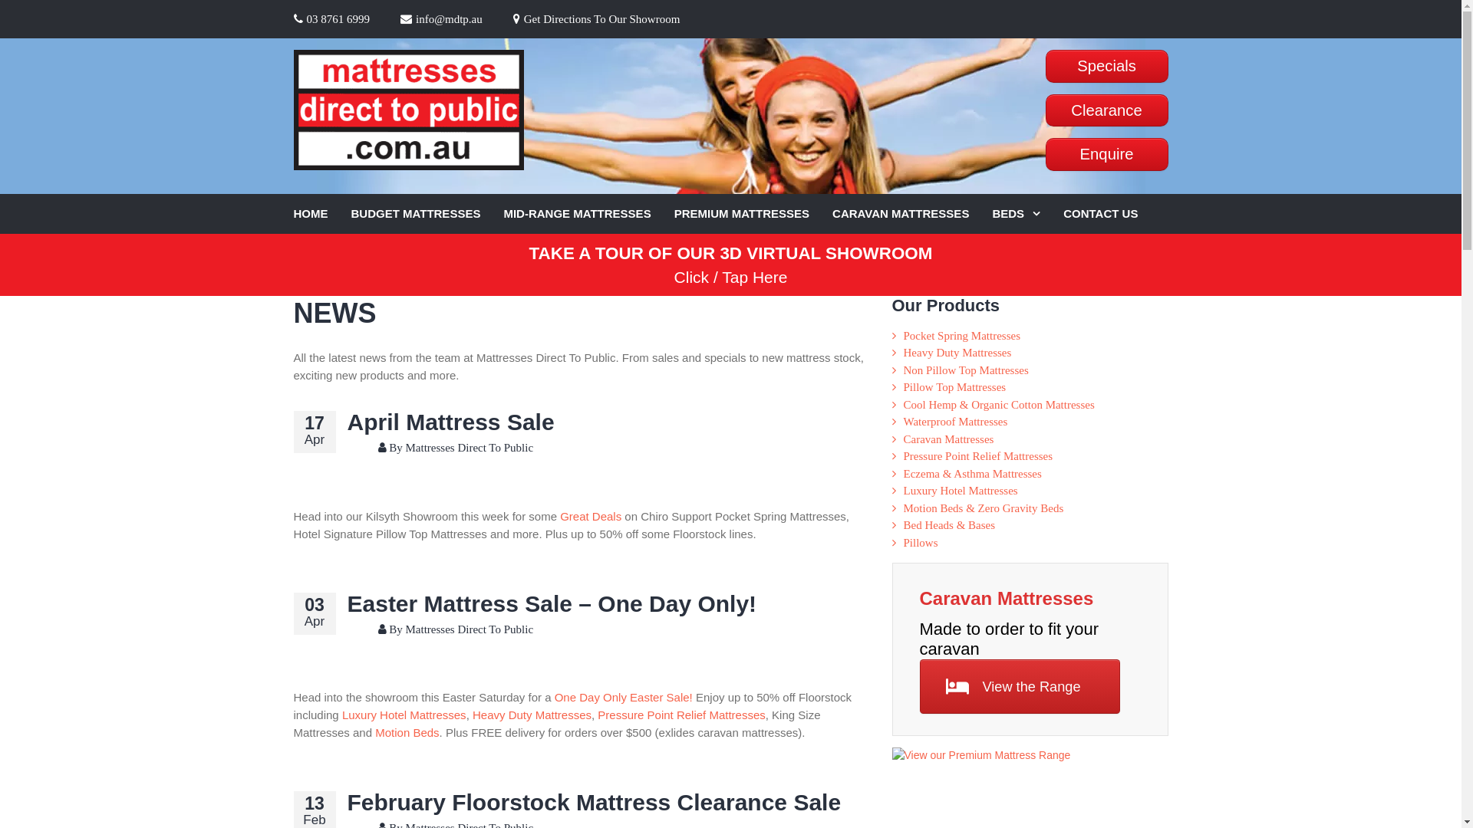 Image resolution: width=1473 pixels, height=828 pixels. I want to click on 'Waterproof Mattresses', so click(955, 422).